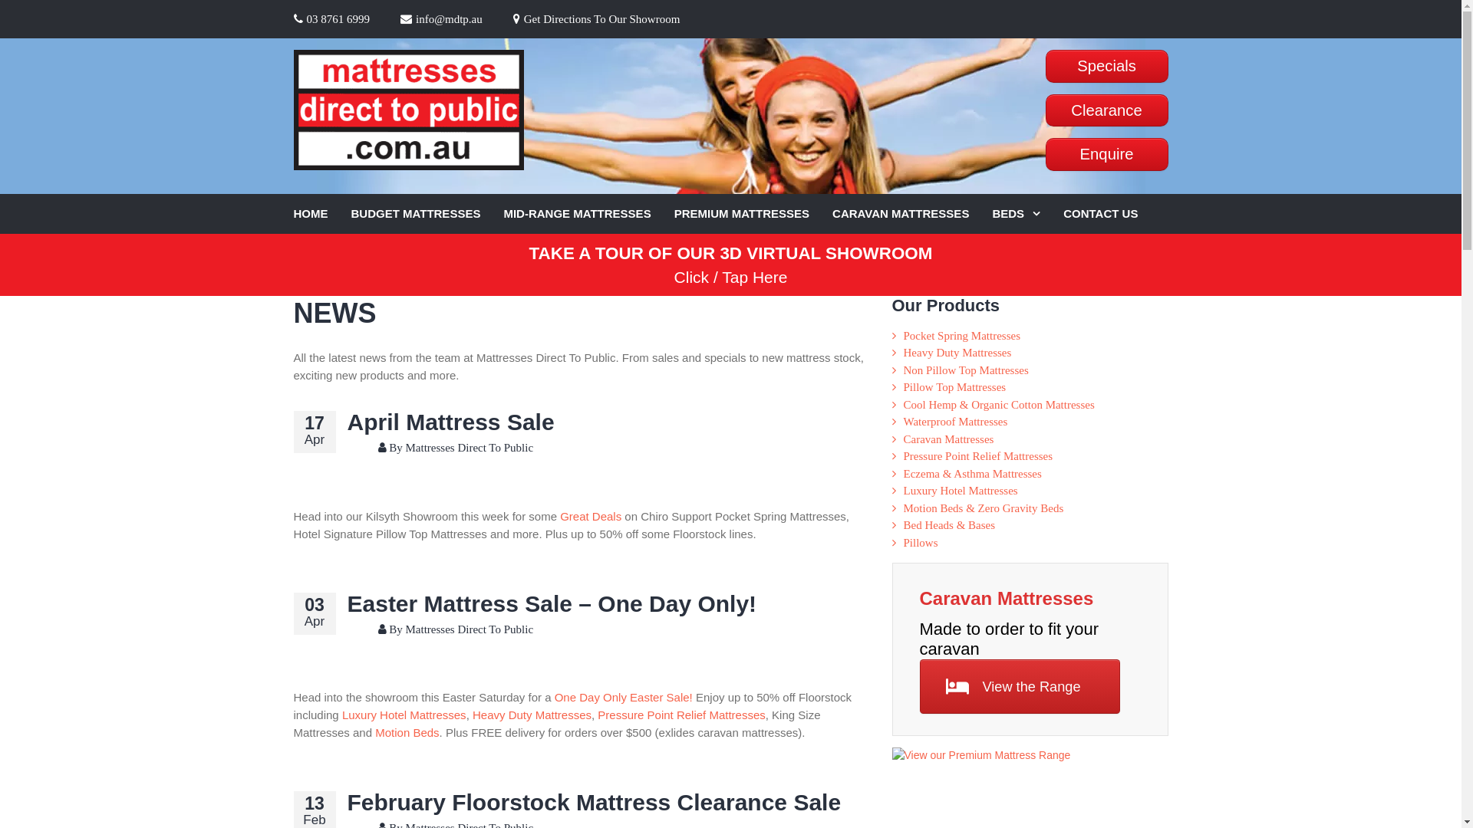 Image resolution: width=1473 pixels, height=828 pixels. I want to click on 'Waterproof Mattresses', so click(955, 422).